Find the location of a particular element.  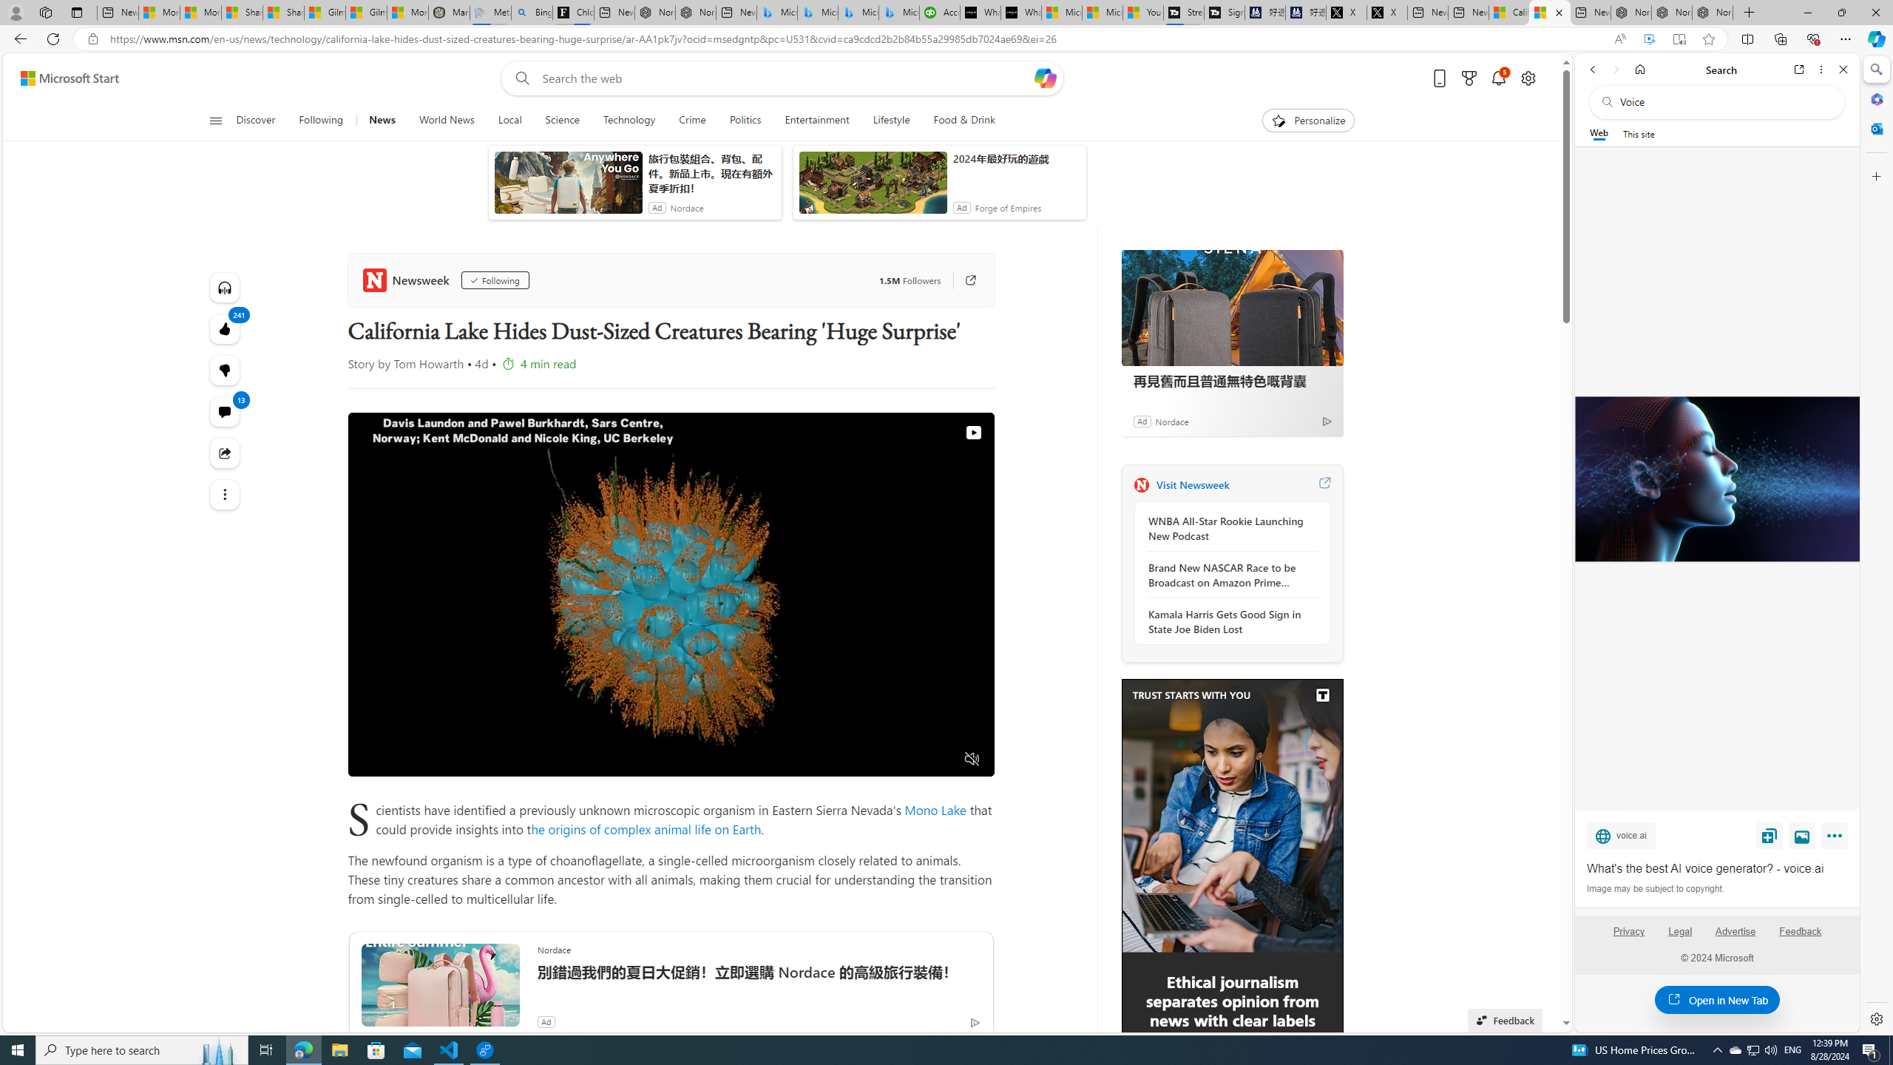

'Nordace - Best Sellers' is located at coordinates (1630, 12).